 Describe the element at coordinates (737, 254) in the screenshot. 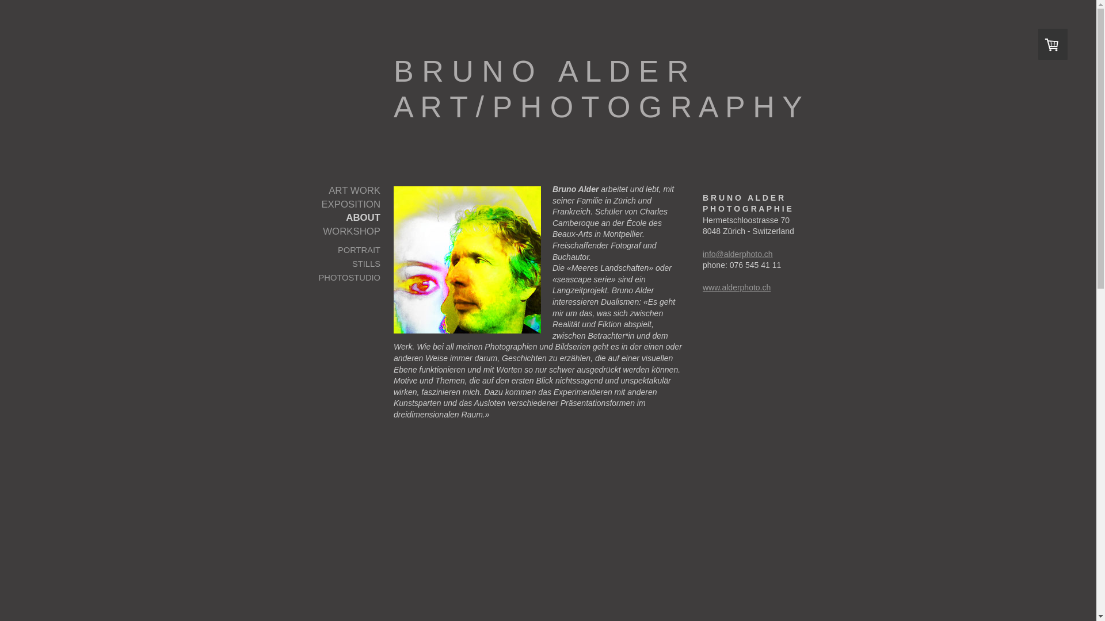

I see `'info@alderphoto.ch'` at that location.